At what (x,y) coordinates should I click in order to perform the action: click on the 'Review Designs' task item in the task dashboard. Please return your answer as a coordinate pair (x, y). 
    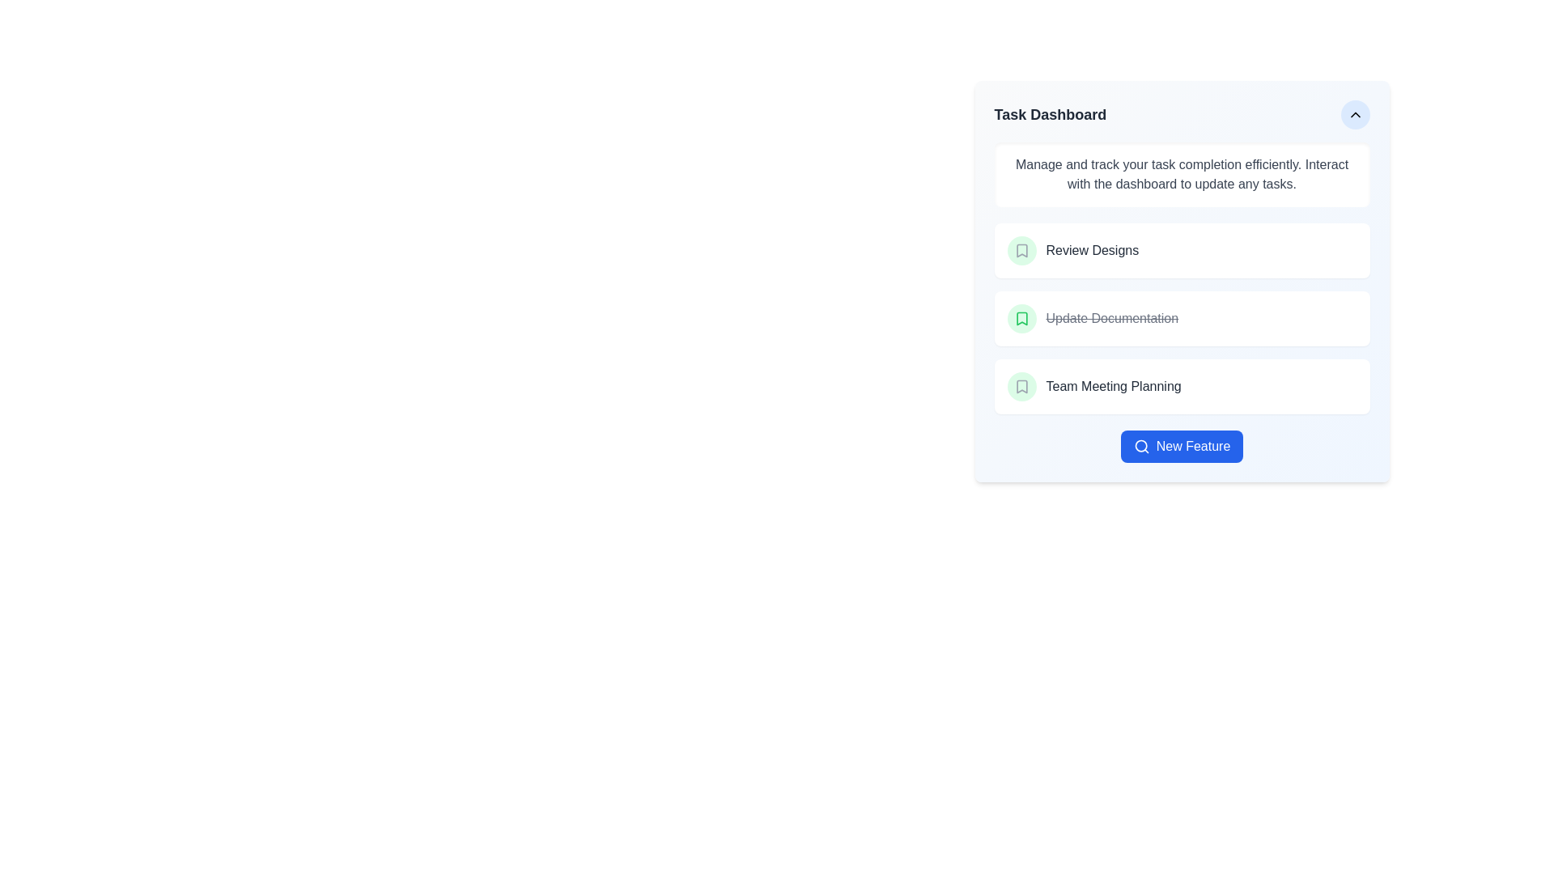
    Looking at the image, I should click on (1182, 250).